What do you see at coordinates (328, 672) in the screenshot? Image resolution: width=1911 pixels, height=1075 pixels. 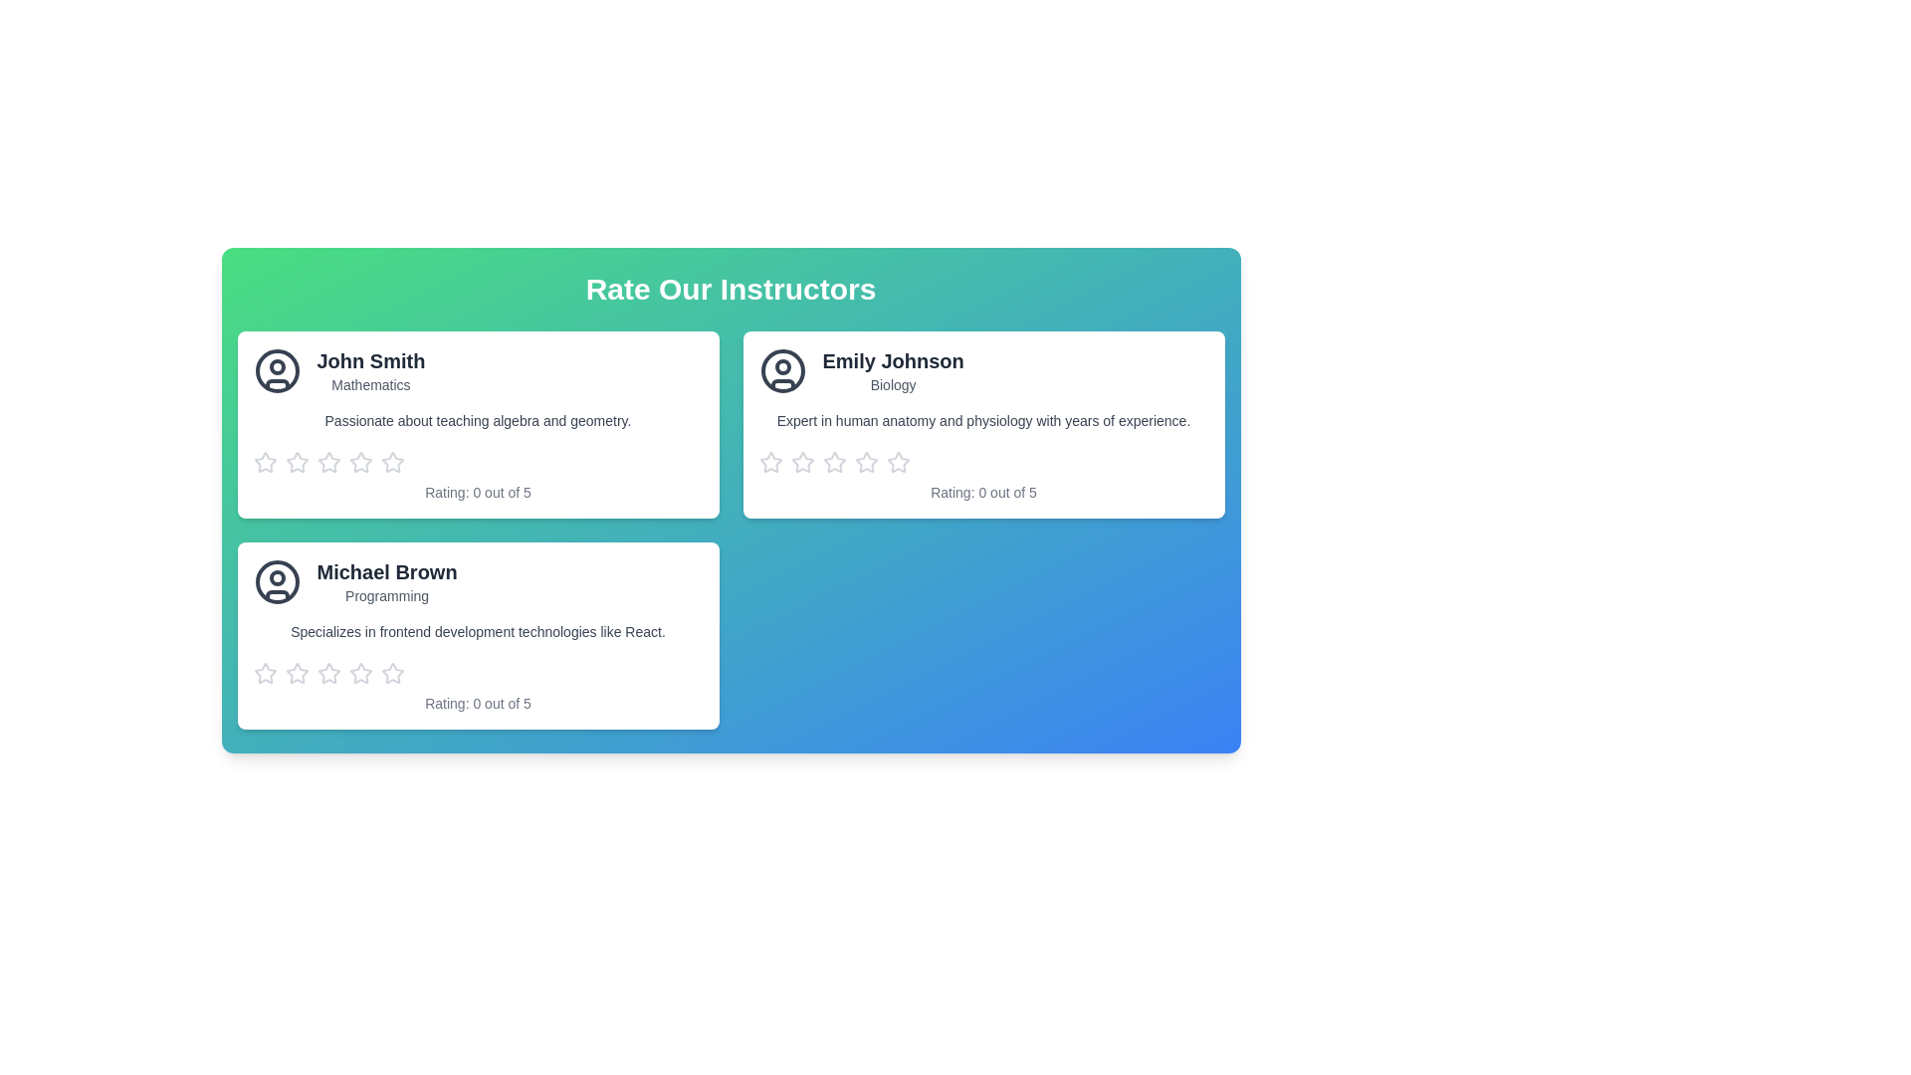 I see `the second star in the rating system for instructor Michael Brown` at bounding box center [328, 672].